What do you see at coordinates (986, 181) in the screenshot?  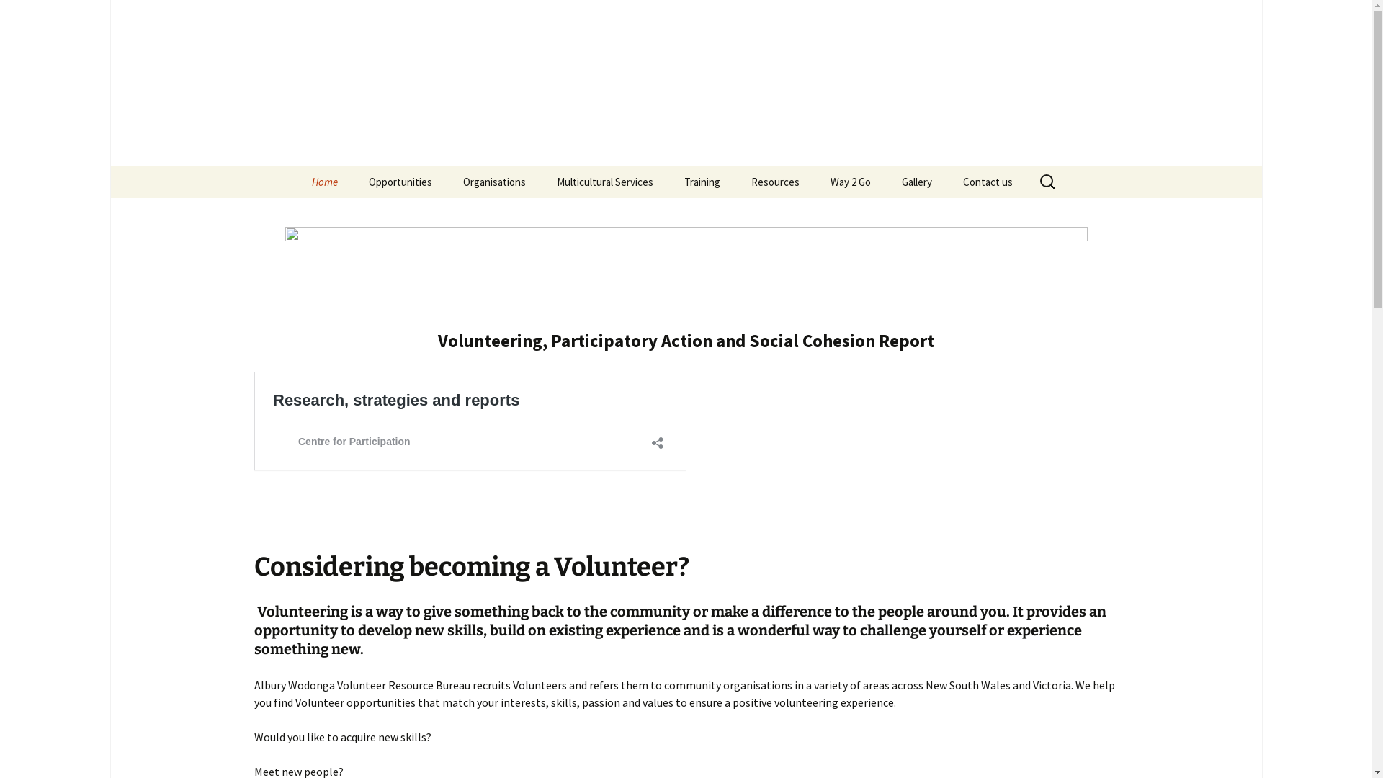 I see `'Contact us'` at bounding box center [986, 181].